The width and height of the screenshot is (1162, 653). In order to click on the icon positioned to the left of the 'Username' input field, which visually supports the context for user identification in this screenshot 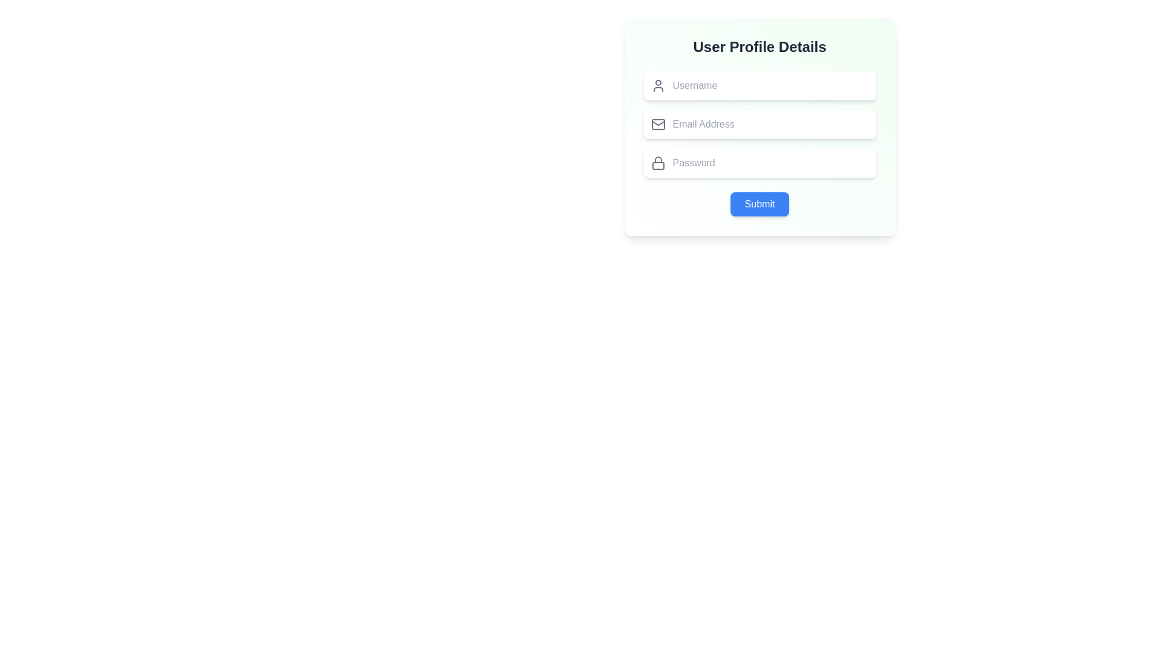, I will do `click(657, 85)`.